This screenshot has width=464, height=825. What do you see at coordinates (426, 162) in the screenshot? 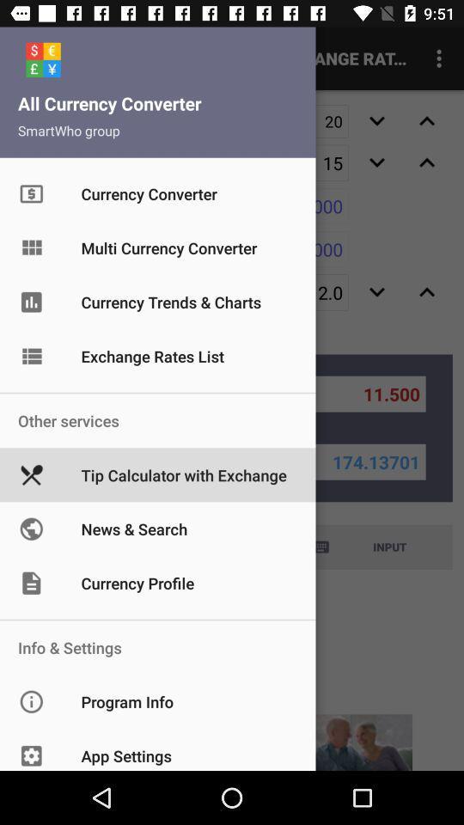
I see `the expand_less icon` at bounding box center [426, 162].